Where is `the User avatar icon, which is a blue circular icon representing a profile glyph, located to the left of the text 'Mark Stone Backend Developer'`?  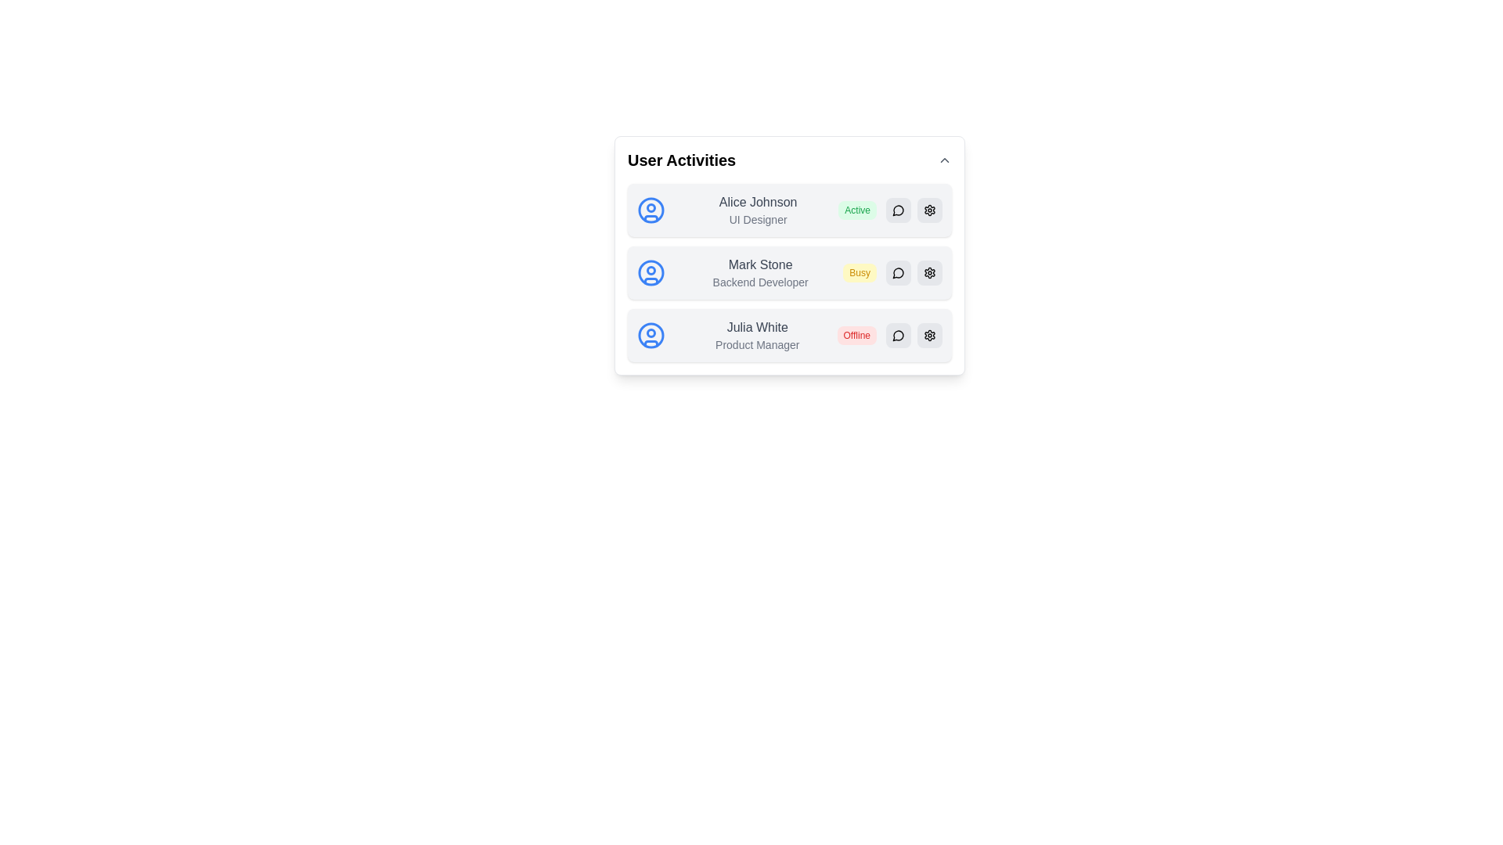
the User avatar icon, which is a blue circular icon representing a profile glyph, located to the left of the text 'Mark Stone Backend Developer' is located at coordinates (651, 271).